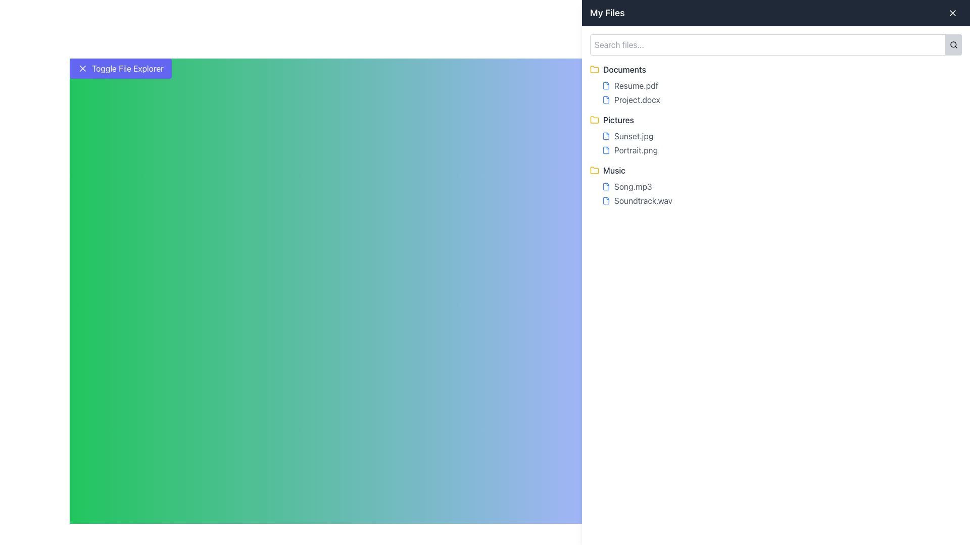 Image resolution: width=970 pixels, height=545 pixels. I want to click on the file icon representing 'Resume.pdf' located under the 'Documents' folder, so click(606, 85).